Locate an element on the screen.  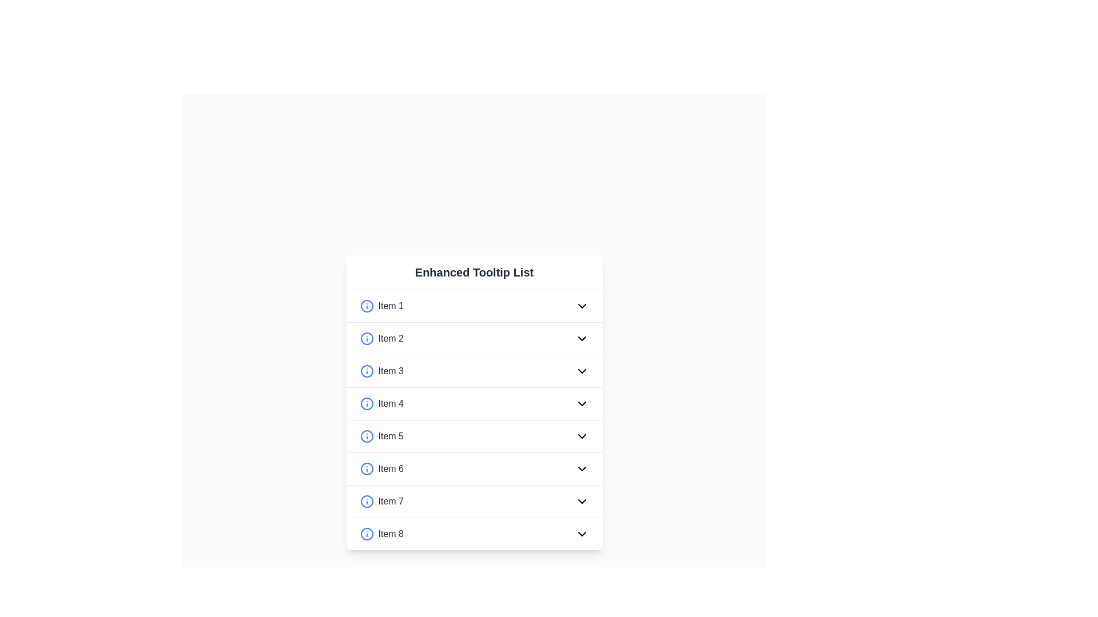
the seventh item in the 'Enhanced Tooltip List', which is identified by the Text Label positioned below 'Item 6' and above 'Item 8' is located at coordinates (391, 501).